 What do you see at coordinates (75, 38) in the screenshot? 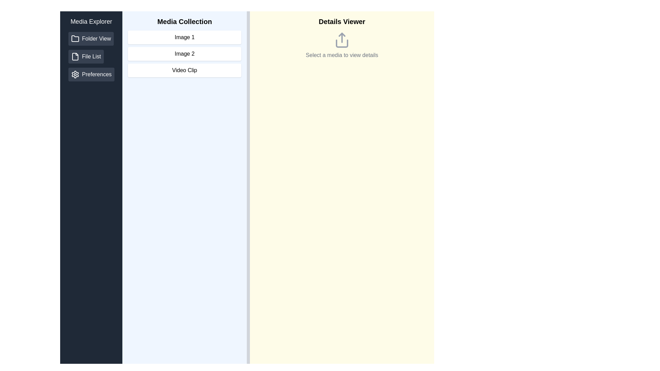
I see `the folder icon located at the top of the left-aligned sidebar next to the 'Folder View' label to interact with the folder view` at bounding box center [75, 38].